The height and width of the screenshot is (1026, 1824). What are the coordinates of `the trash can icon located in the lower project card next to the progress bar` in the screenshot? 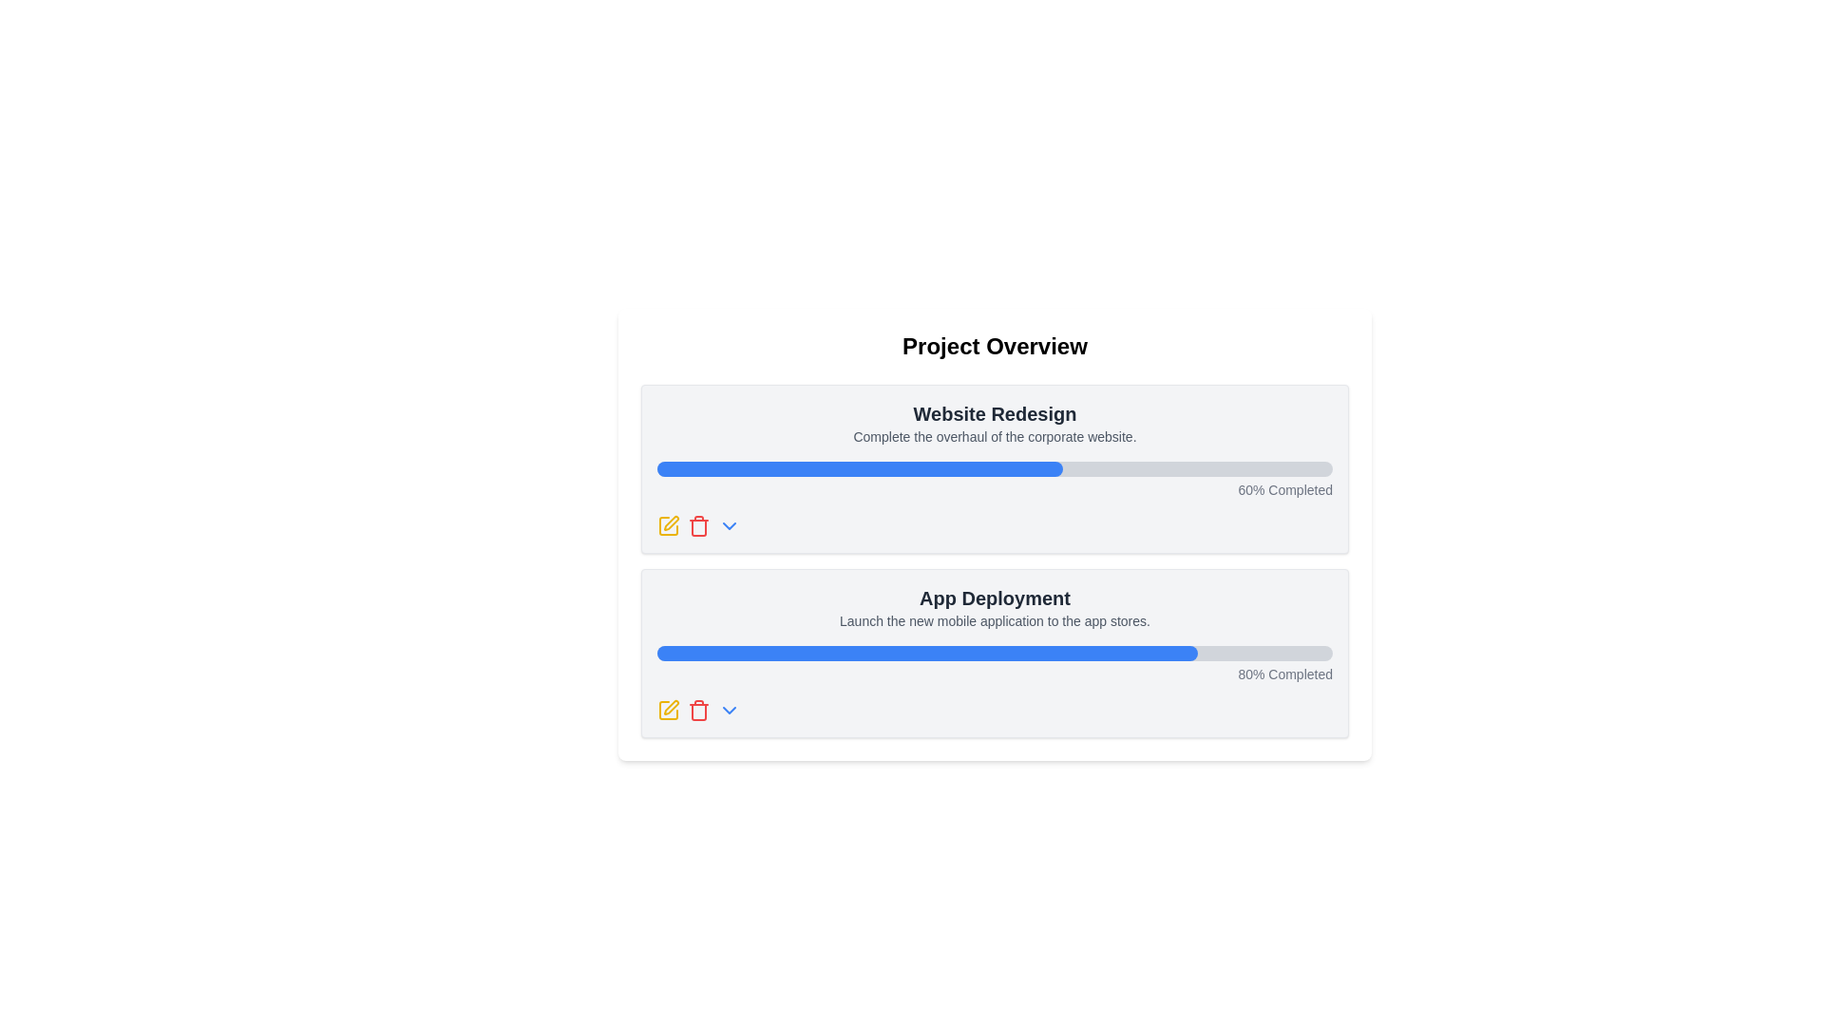 It's located at (697, 712).